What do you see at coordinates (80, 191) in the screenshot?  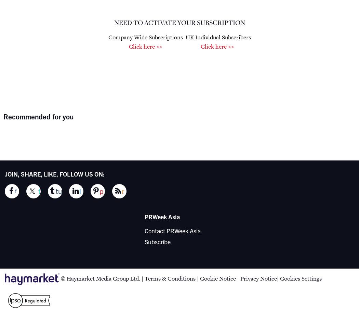 I see `'l'` at bounding box center [80, 191].